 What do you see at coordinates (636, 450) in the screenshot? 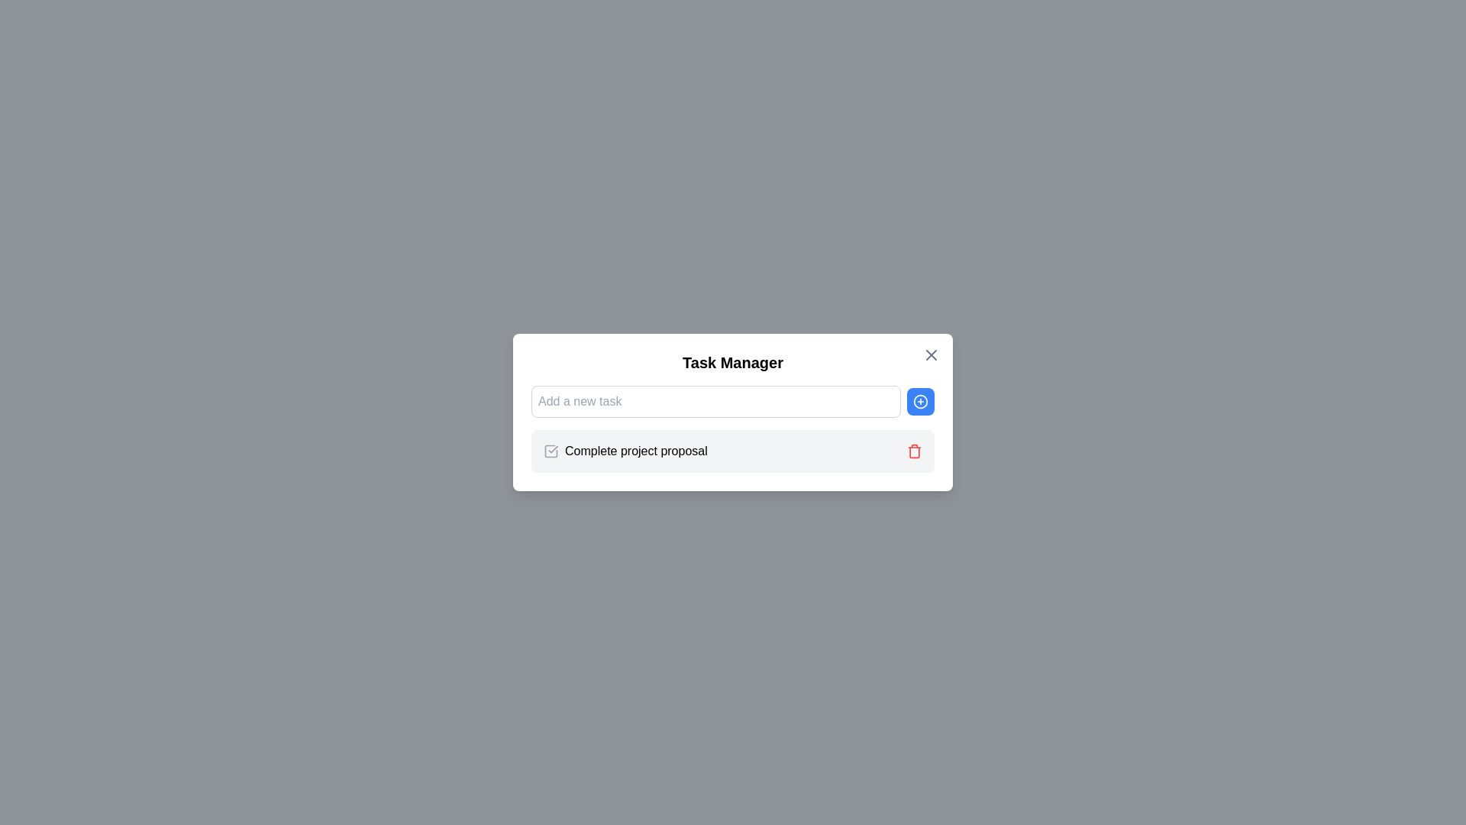
I see `the text label displaying 'Complete project proposal', which is positioned between a checkbox icon and a trash icon in the task manager box` at bounding box center [636, 450].